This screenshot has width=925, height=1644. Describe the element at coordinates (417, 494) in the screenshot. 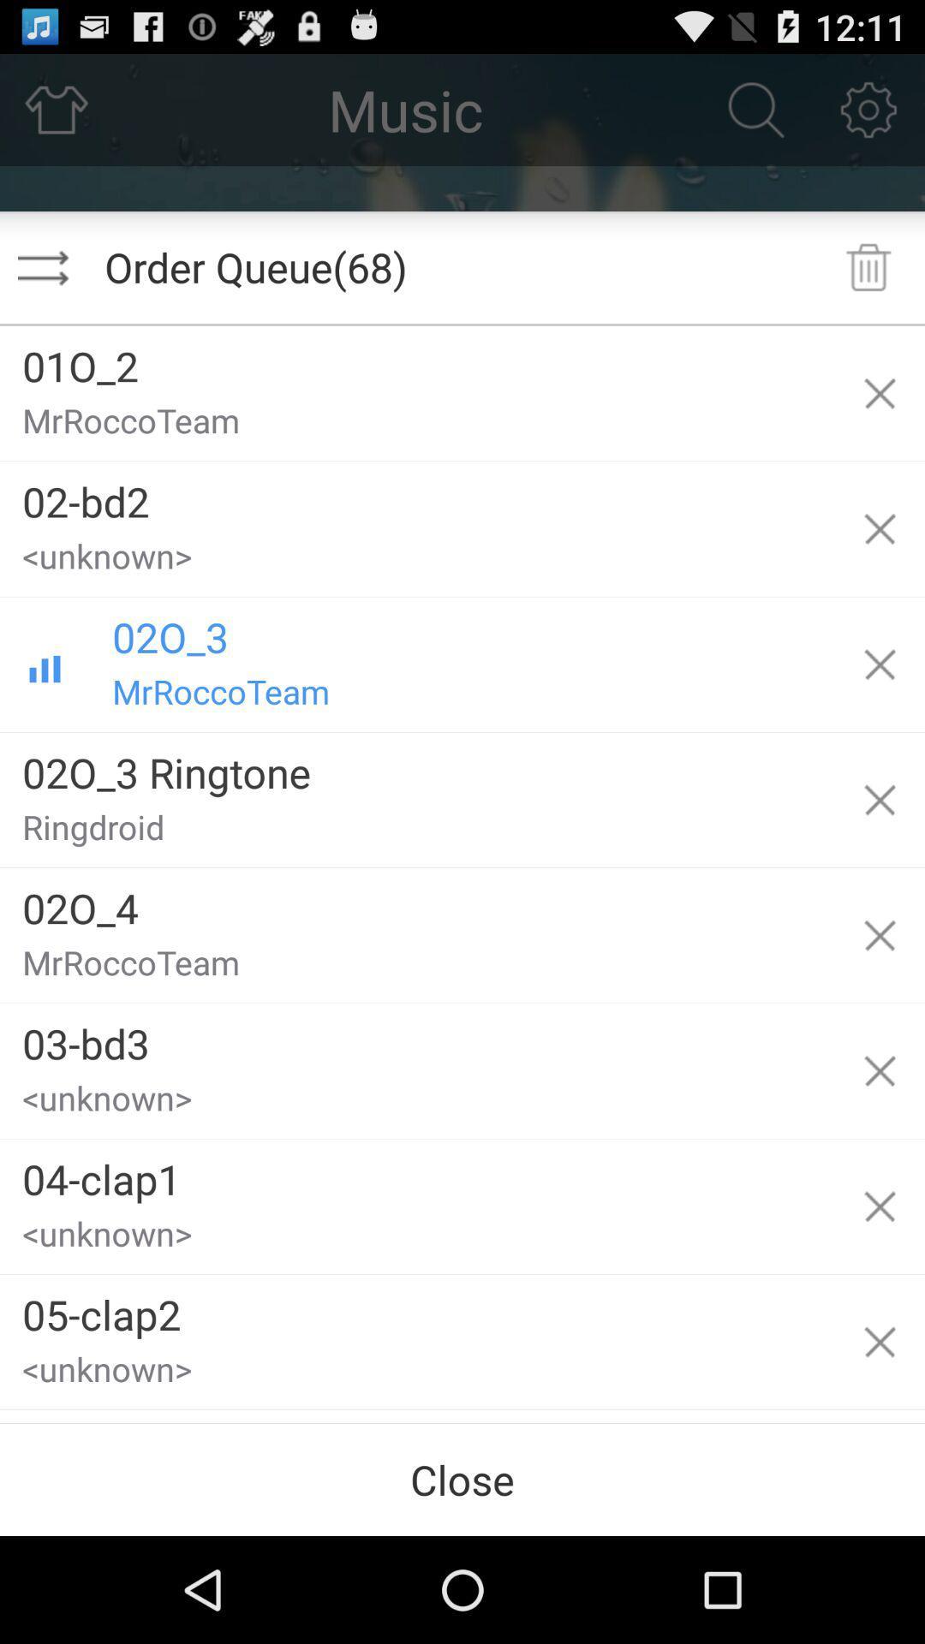

I see `icon below the mrroccoteam` at that location.